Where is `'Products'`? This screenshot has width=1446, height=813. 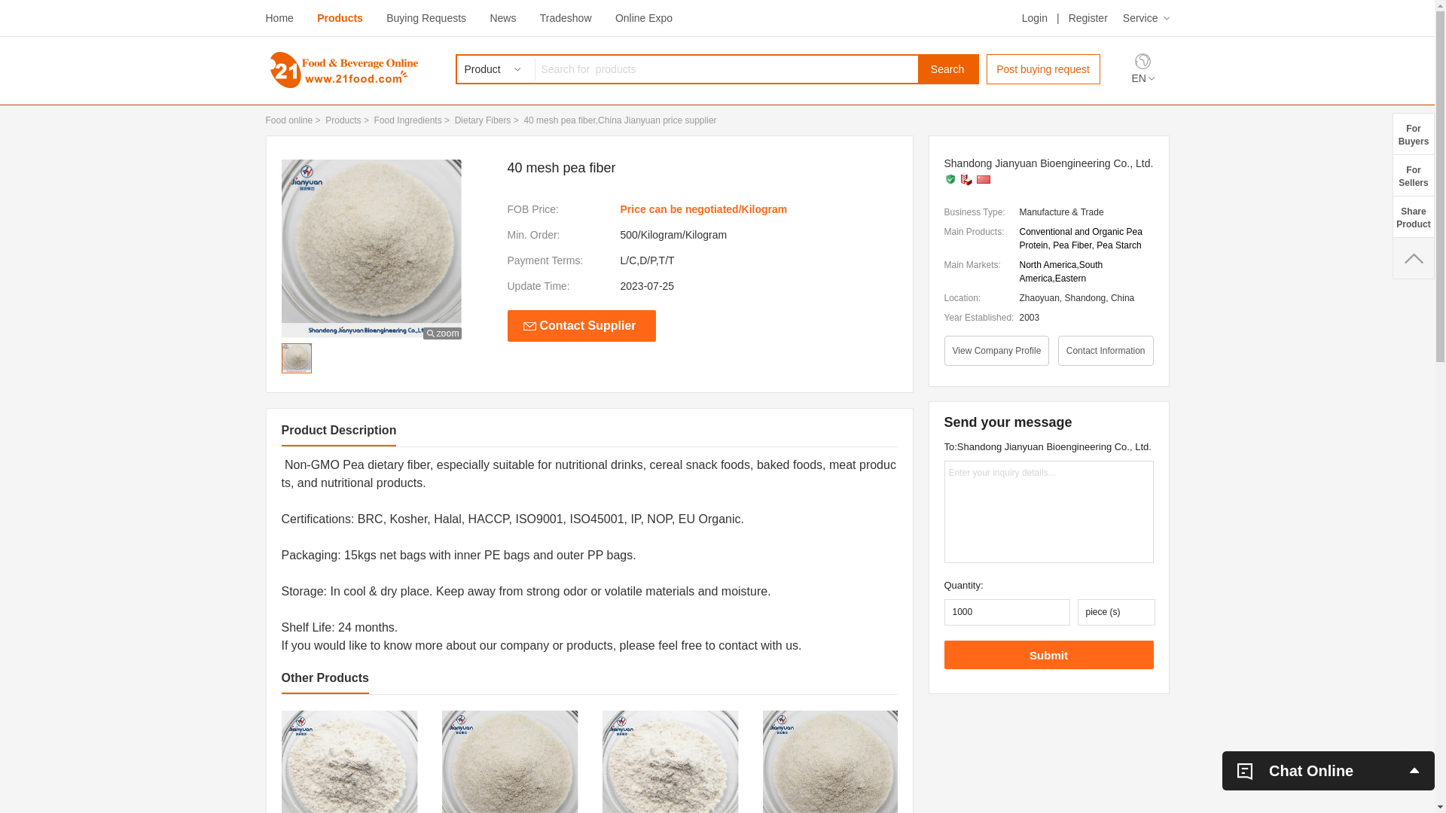 'Products' is located at coordinates (339, 17).